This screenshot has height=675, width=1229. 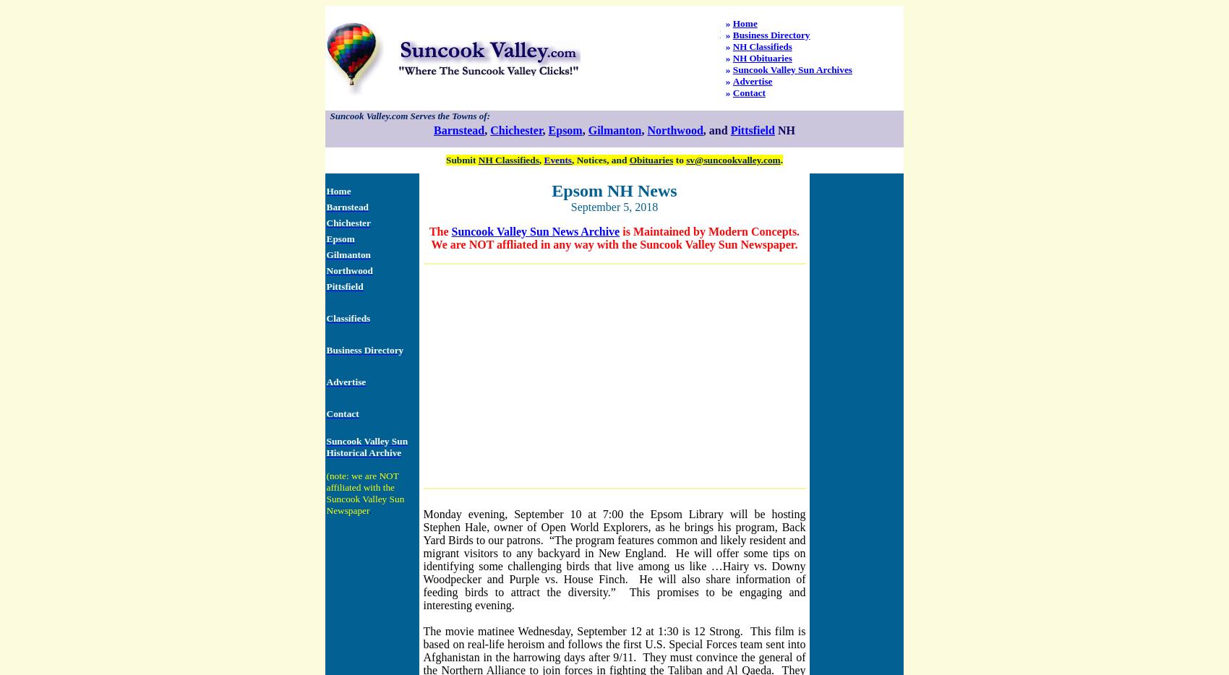 I want to click on 'to', so click(x=679, y=158).